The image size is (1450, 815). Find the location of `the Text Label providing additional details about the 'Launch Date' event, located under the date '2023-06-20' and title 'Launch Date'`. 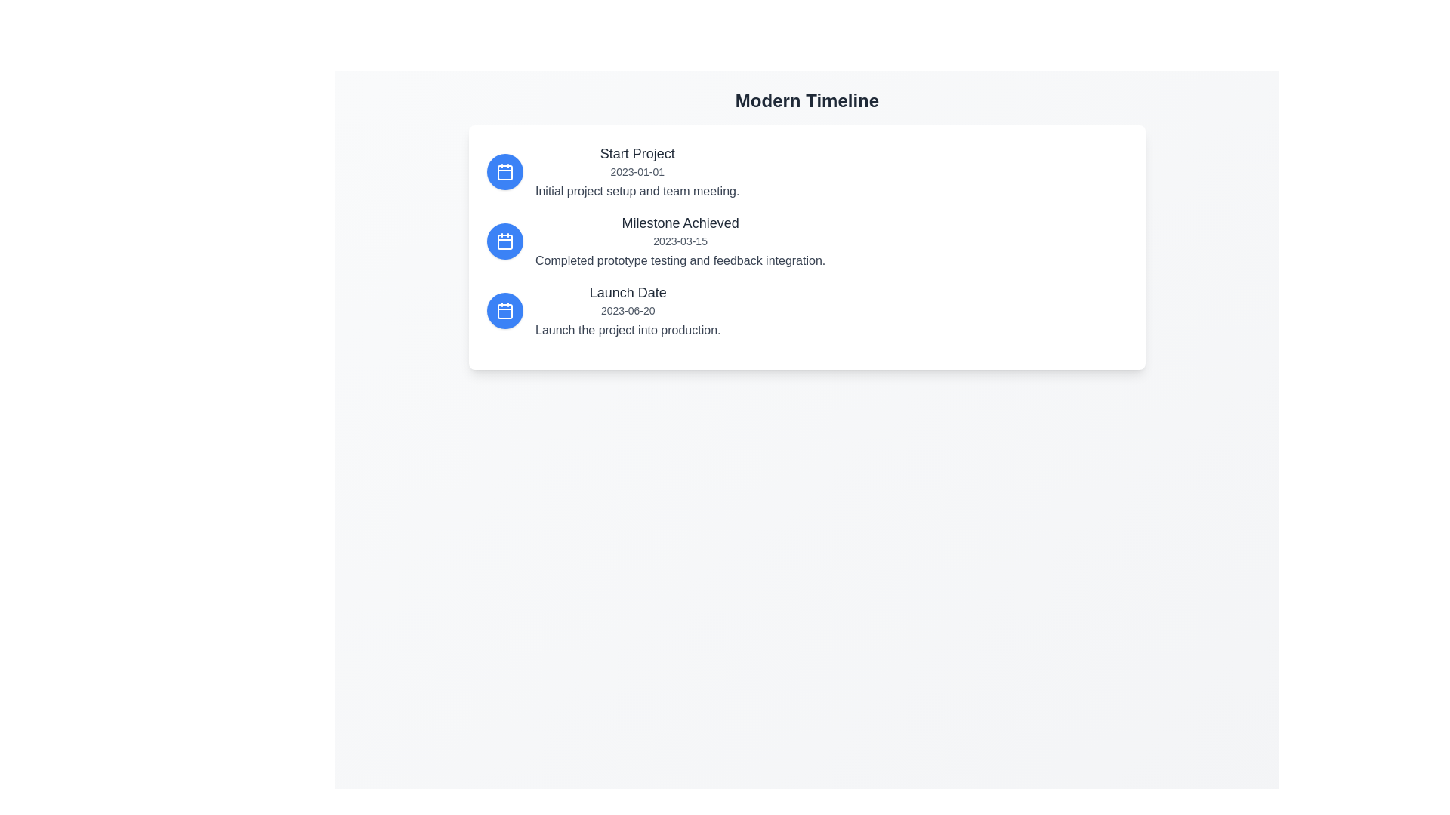

the Text Label providing additional details about the 'Launch Date' event, located under the date '2023-06-20' and title 'Launch Date' is located at coordinates (628, 330).